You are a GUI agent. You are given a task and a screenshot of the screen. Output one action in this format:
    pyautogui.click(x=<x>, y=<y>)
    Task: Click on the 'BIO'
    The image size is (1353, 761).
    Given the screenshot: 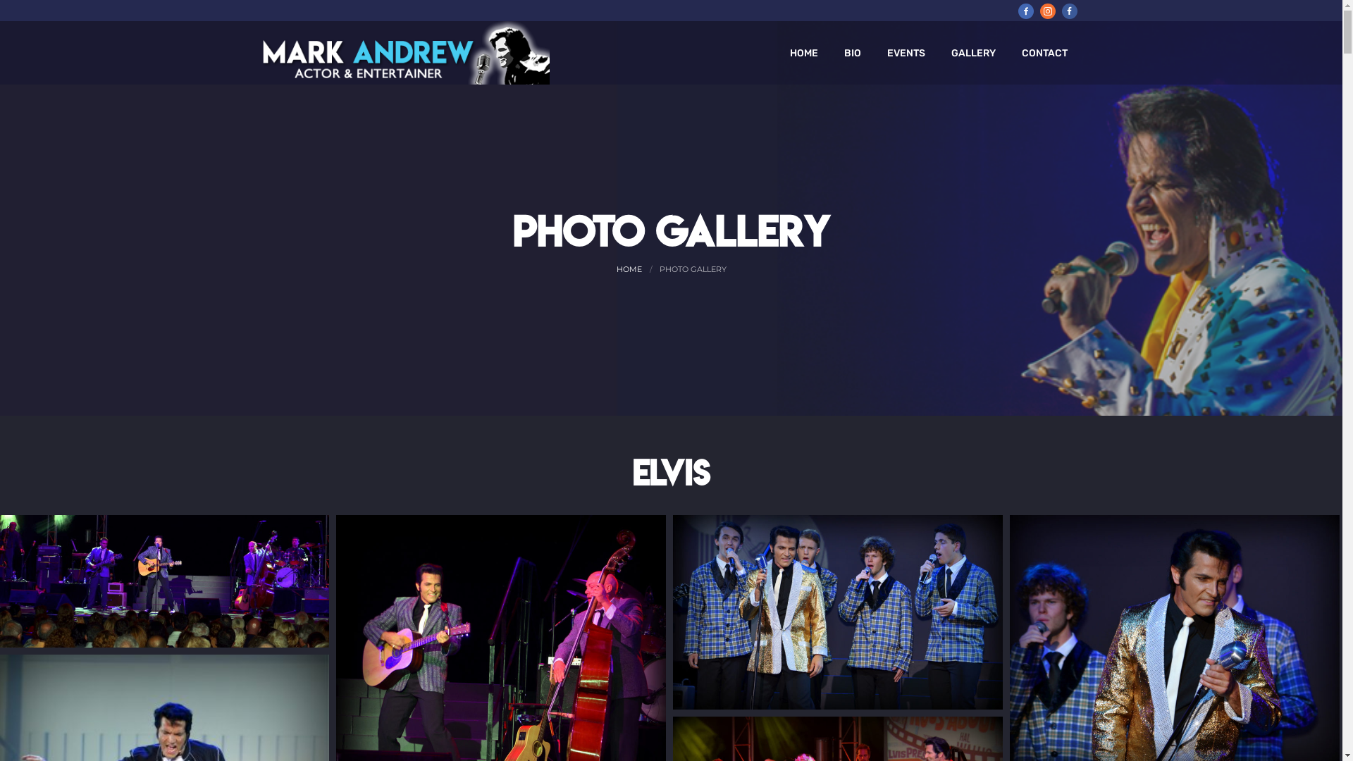 What is the action you would take?
    pyautogui.click(x=851, y=51)
    